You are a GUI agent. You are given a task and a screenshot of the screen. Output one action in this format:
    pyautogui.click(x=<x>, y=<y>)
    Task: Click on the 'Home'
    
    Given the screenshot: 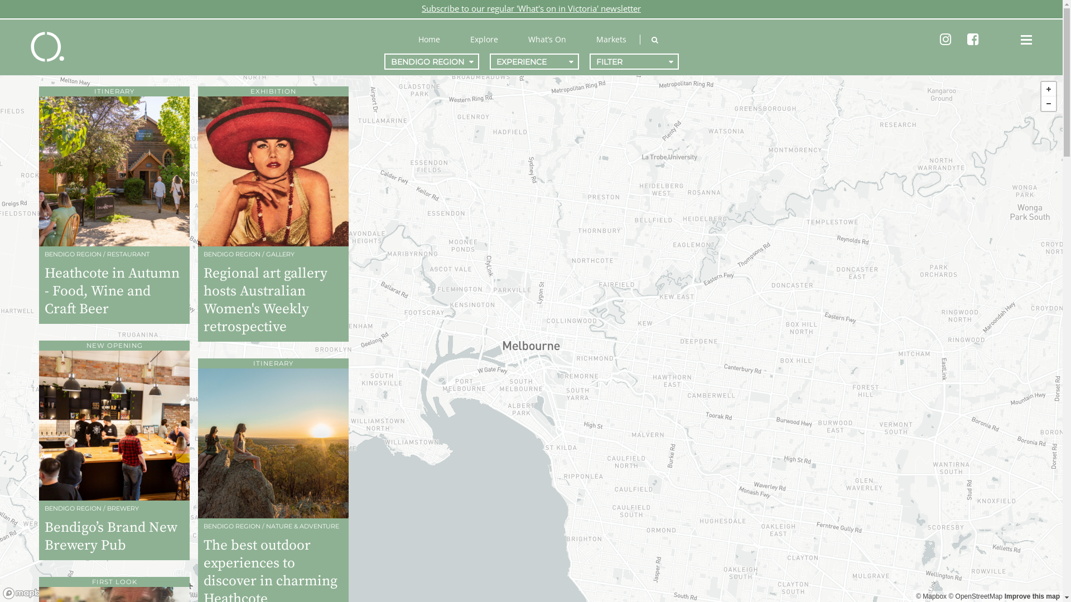 What is the action you would take?
    pyautogui.click(x=428, y=38)
    